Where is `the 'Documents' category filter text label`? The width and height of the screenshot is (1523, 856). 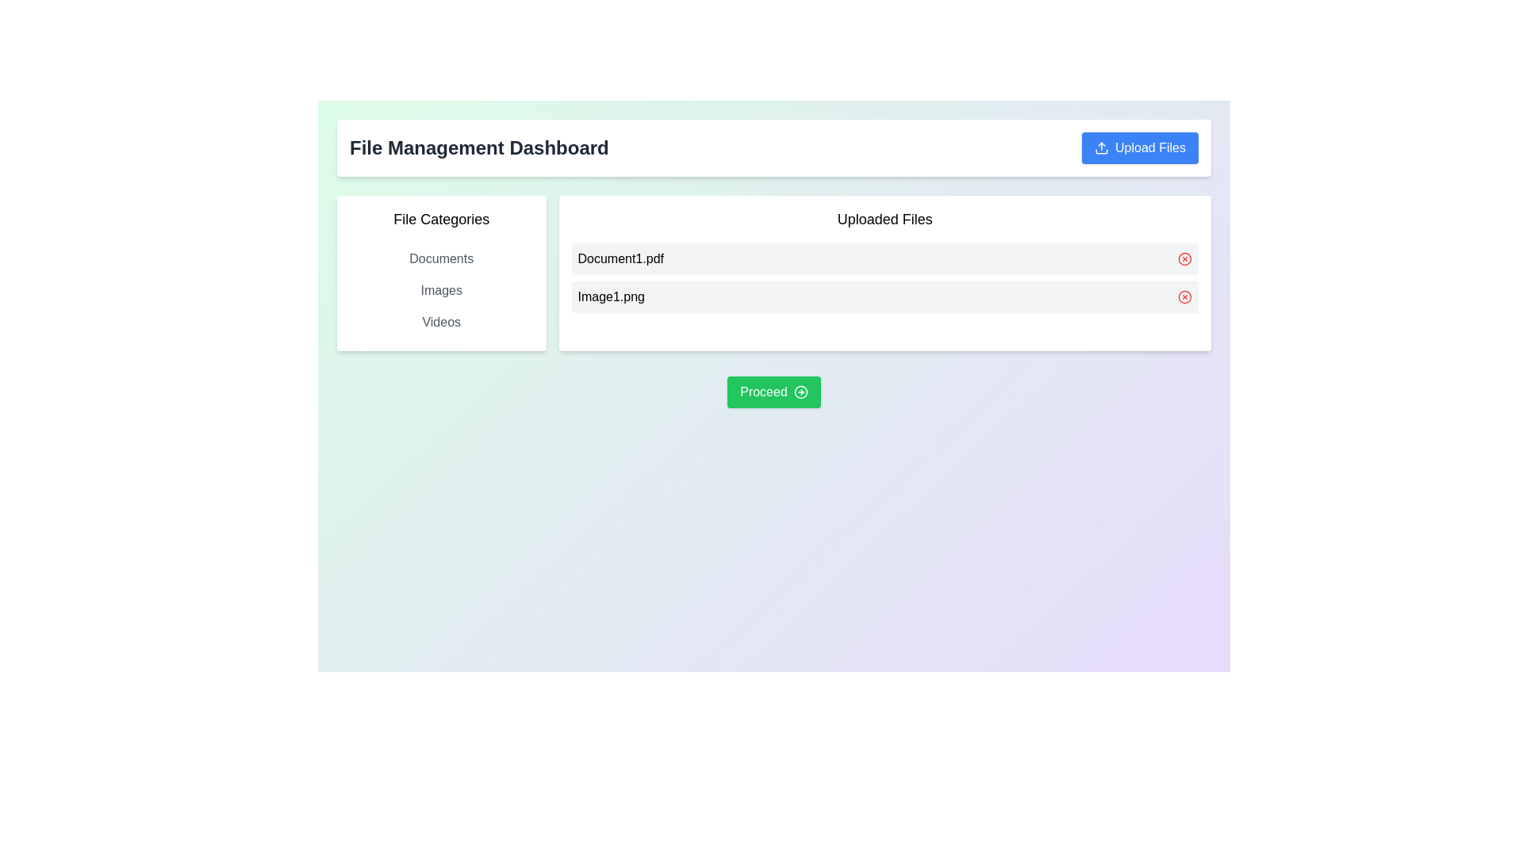
the 'Documents' category filter text label is located at coordinates (441, 258).